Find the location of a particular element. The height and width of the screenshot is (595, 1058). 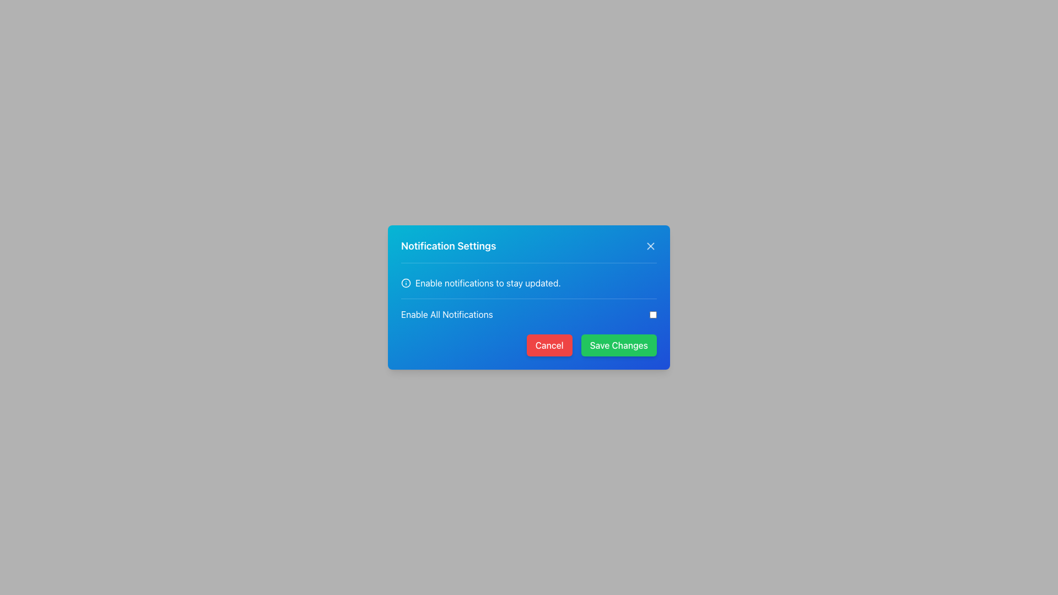

the 'Cancel' button located at the bottom-right of the 'Notification Settings' modal to abort changes is located at coordinates (529, 345).